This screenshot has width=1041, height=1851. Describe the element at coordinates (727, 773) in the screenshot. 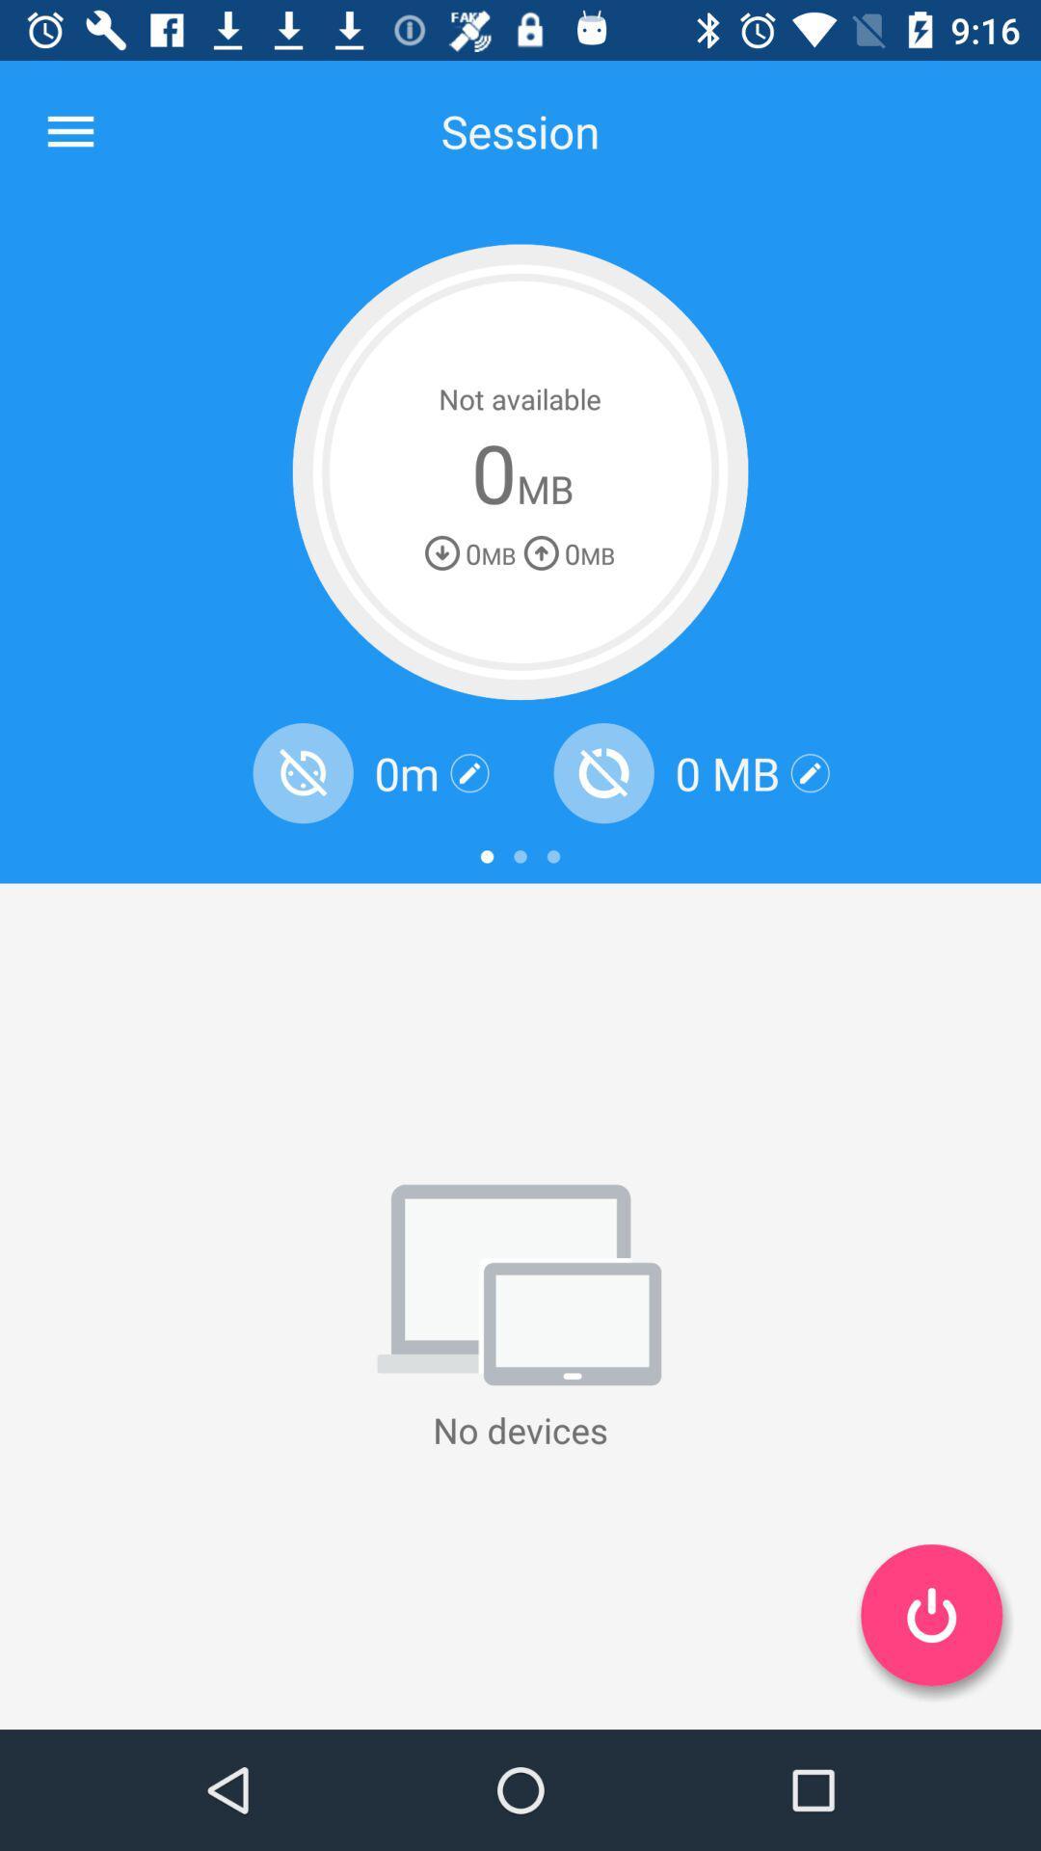

I see `0 mb item` at that location.